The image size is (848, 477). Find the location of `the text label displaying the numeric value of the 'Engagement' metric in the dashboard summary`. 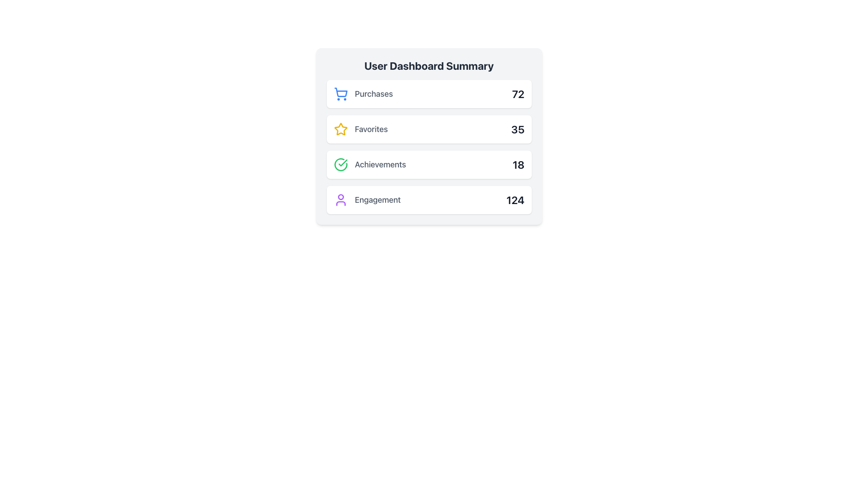

the text label displaying the numeric value of the 'Engagement' metric in the dashboard summary is located at coordinates (515, 200).